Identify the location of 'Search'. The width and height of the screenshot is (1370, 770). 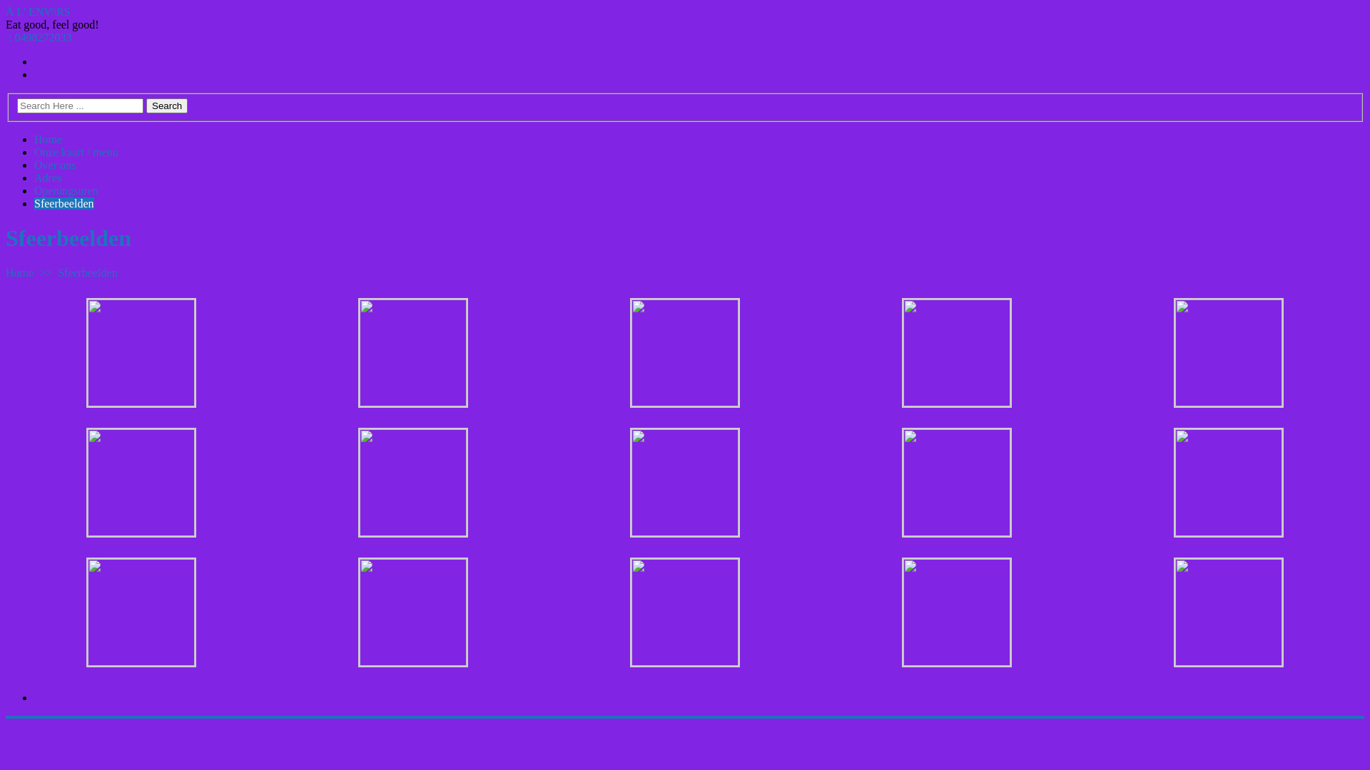
(167, 105).